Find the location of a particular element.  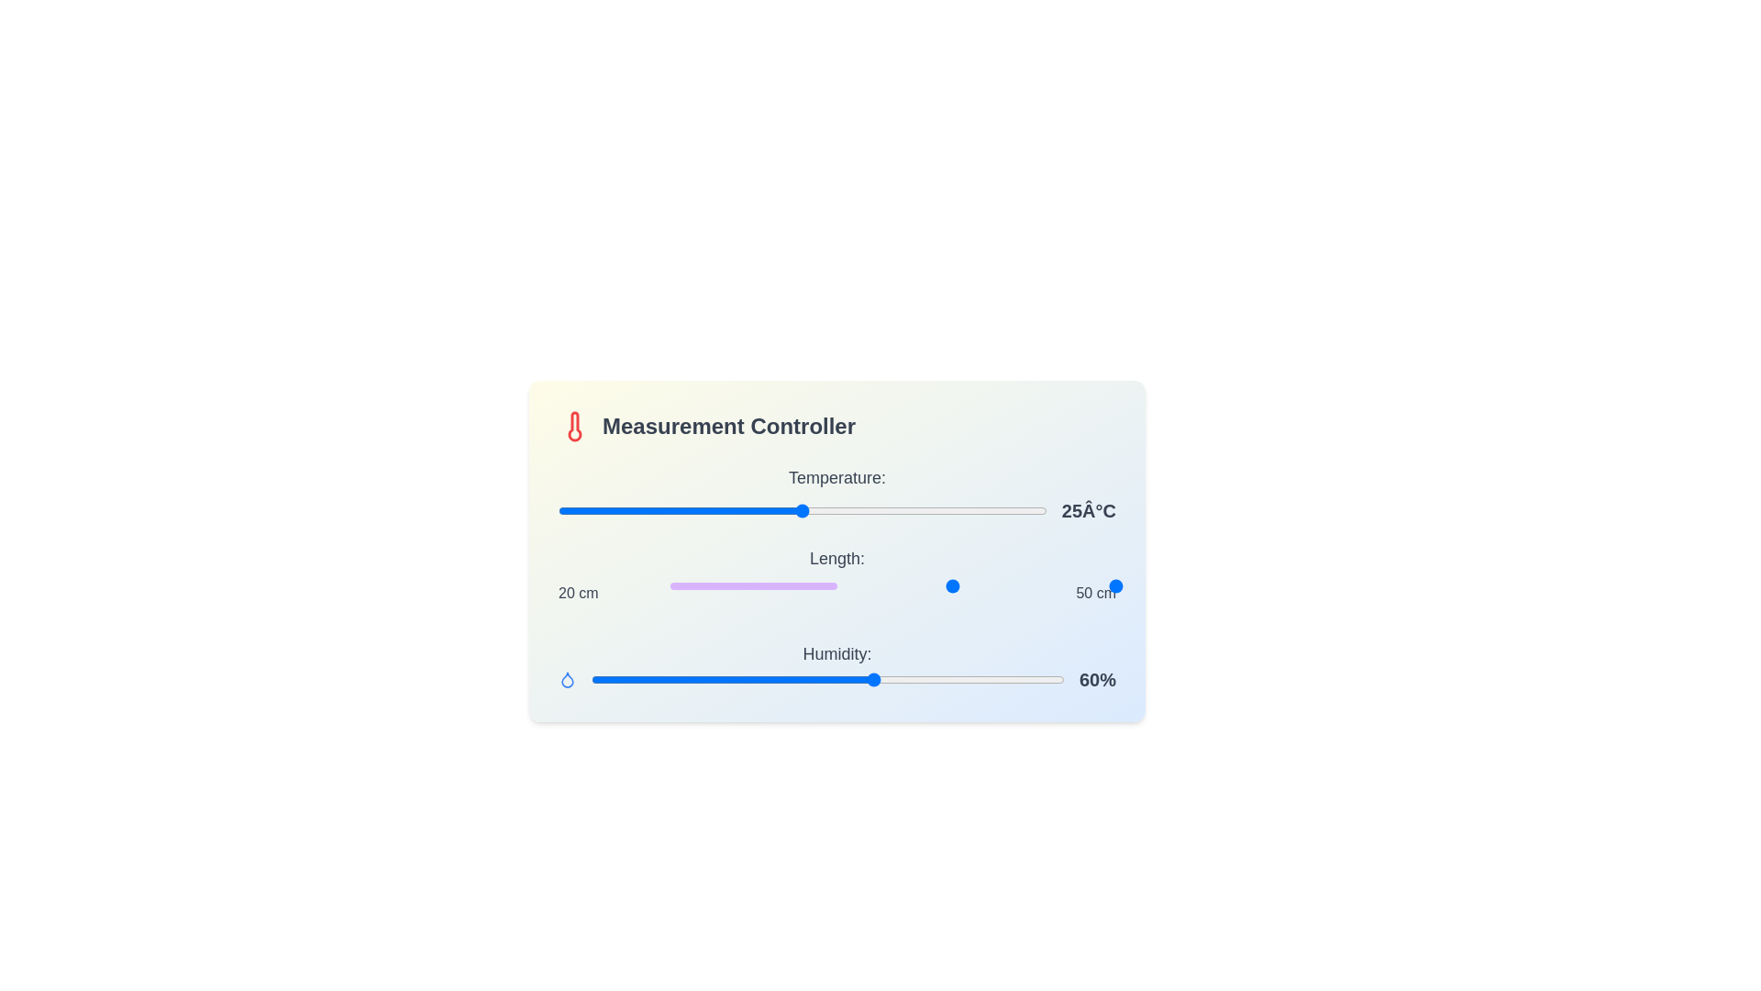

the slider value is located at coordinates (858, 586).